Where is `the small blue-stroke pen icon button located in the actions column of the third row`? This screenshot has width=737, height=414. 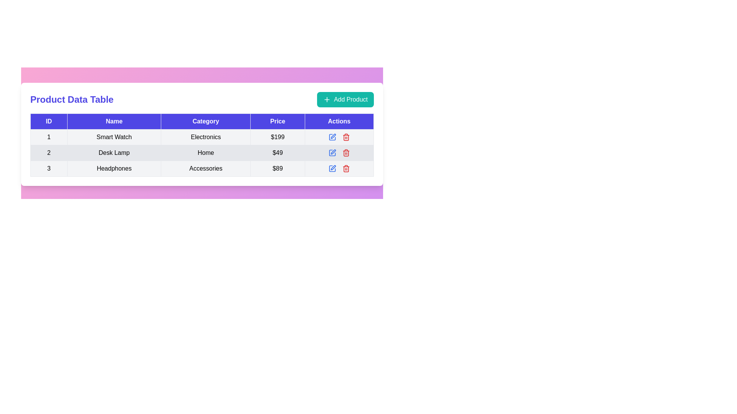
the small blue-stroke pen icon button located in the actions column of the third row is located at coordinates (333, 167).